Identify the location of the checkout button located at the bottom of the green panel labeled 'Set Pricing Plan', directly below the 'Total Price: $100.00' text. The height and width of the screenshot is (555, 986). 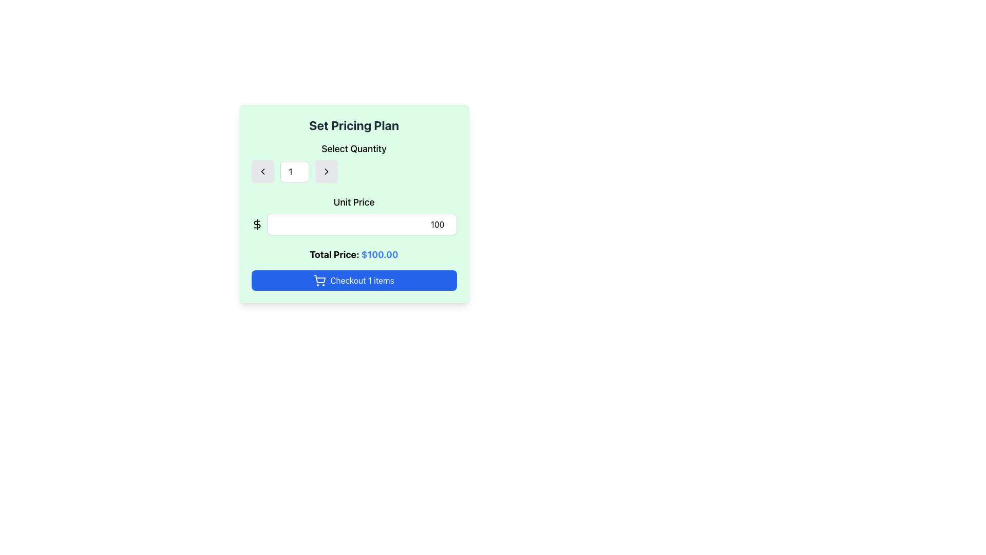
(354, 281).